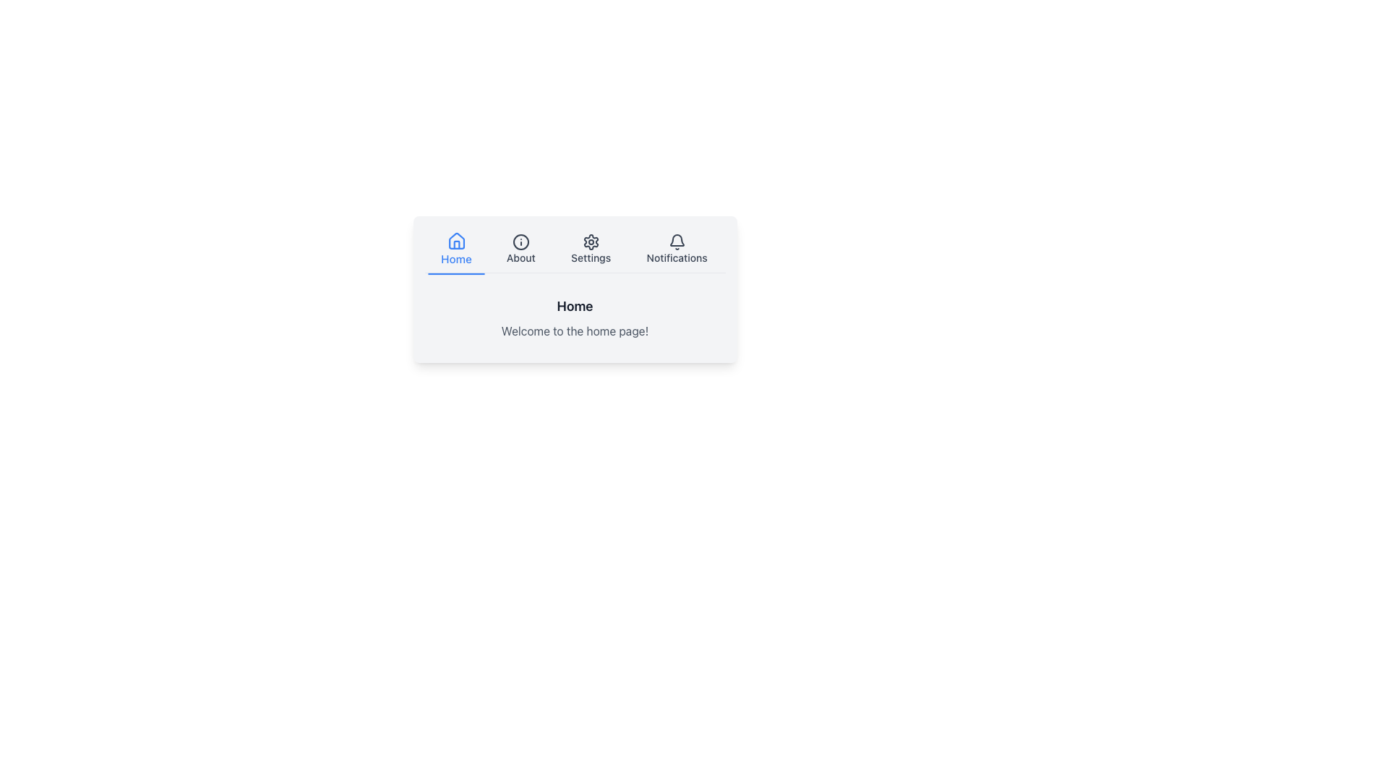 This screenshot has width=1388, height=781. What do you see at coordinates (520, 257) in the screenshot?
I see `on the 'About' text label located in the navigation menu, positioned below the information icon` at bounding box center [520, 257].